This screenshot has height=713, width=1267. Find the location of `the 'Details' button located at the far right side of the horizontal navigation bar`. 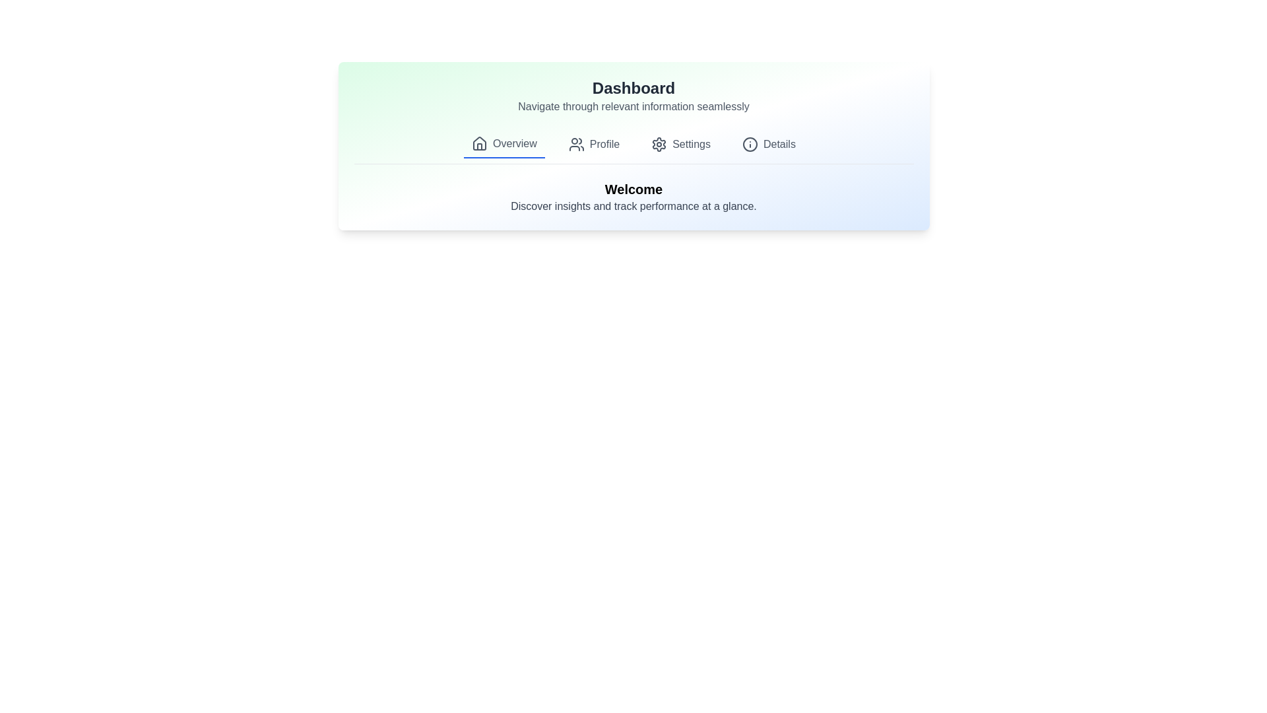

the 'Details' button located at the far right side of the horizontal navigation bar is located at coordinates (769, 145).